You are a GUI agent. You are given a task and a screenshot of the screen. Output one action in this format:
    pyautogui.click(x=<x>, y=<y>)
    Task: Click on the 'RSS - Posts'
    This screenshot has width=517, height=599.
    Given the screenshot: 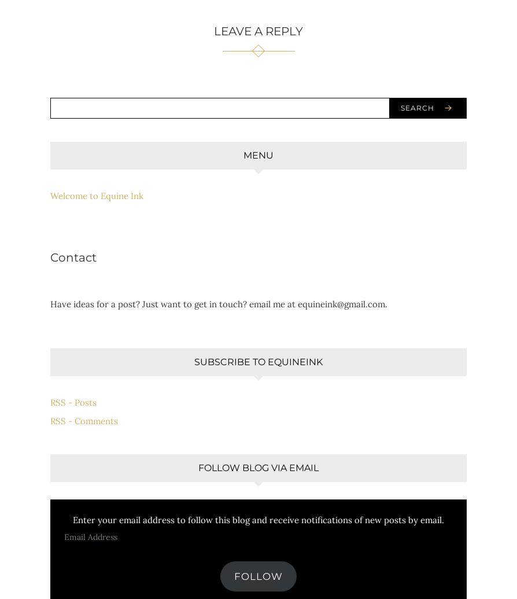 What is the action you would take?
    pyautogui.click(x=50, y=401)
    